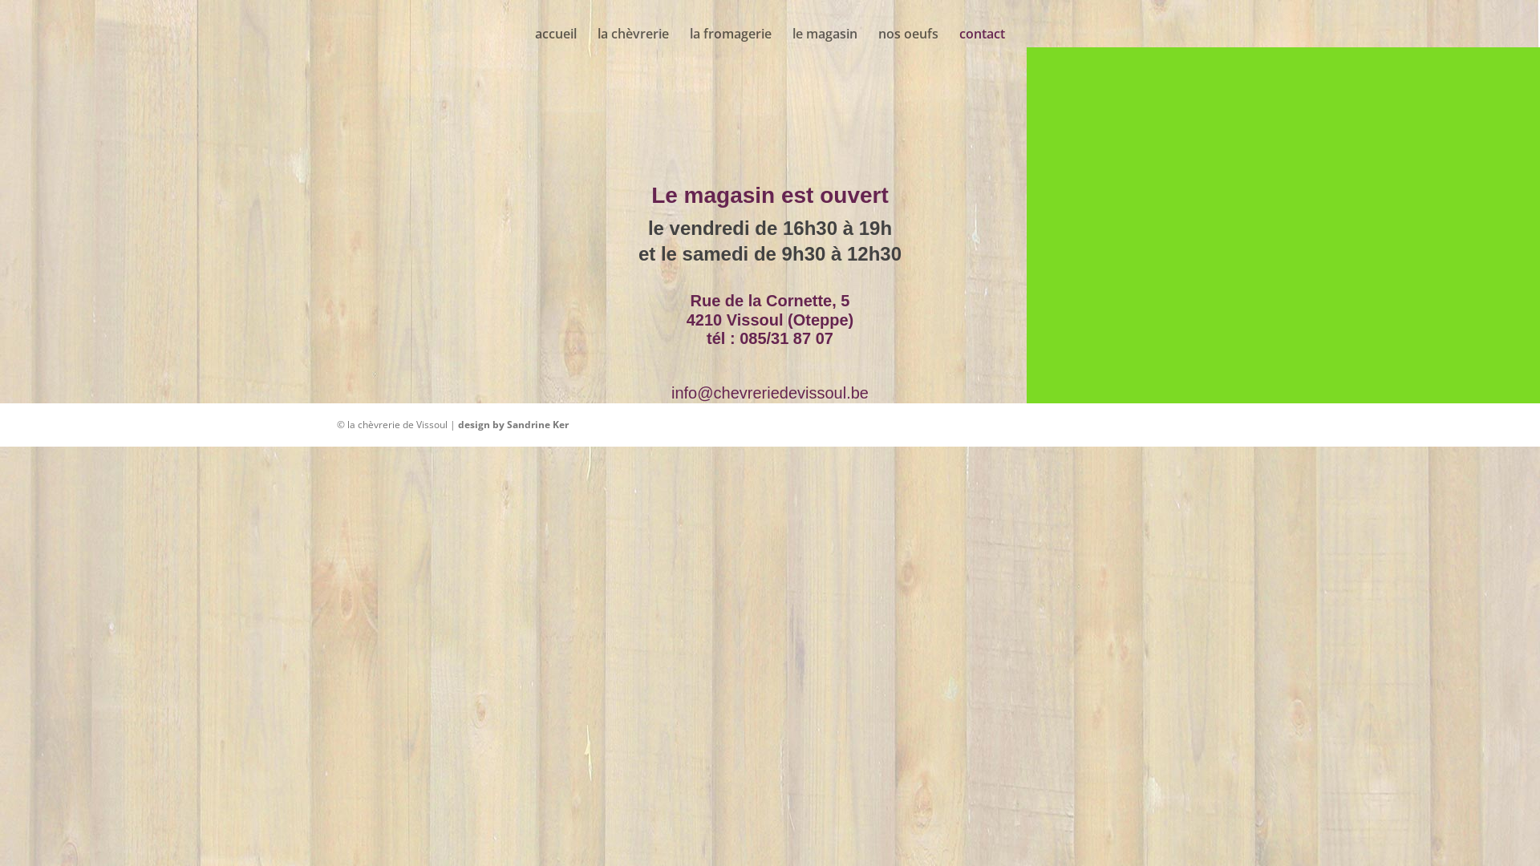 The height and width of the screenshot is (866, 1540). What do you see at coordinates (671, 392) in the screenshot?
I see `'info@chevreriedevissoul.be'` at bounding box center [671, 392].